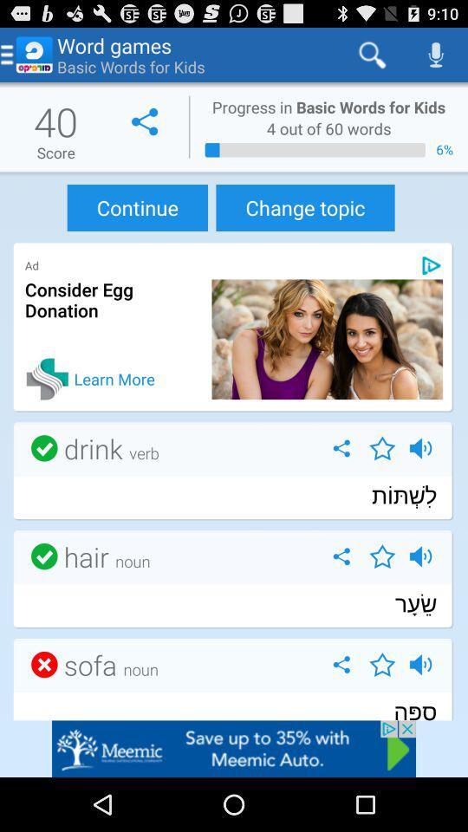  Describe the element at coordinates (430, 265) in the screenshot. I see `pick playstore` at that location.